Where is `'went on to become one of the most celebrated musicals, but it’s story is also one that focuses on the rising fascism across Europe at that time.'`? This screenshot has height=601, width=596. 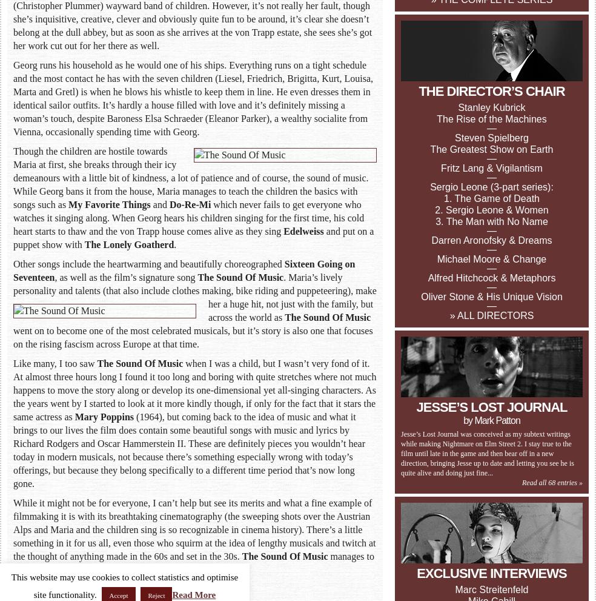
'went on to become one of the most celebrated musicals, but it’s story is also one that focuses on the rising fascism across Europe at that time.' is located at coordinates (192, 337).